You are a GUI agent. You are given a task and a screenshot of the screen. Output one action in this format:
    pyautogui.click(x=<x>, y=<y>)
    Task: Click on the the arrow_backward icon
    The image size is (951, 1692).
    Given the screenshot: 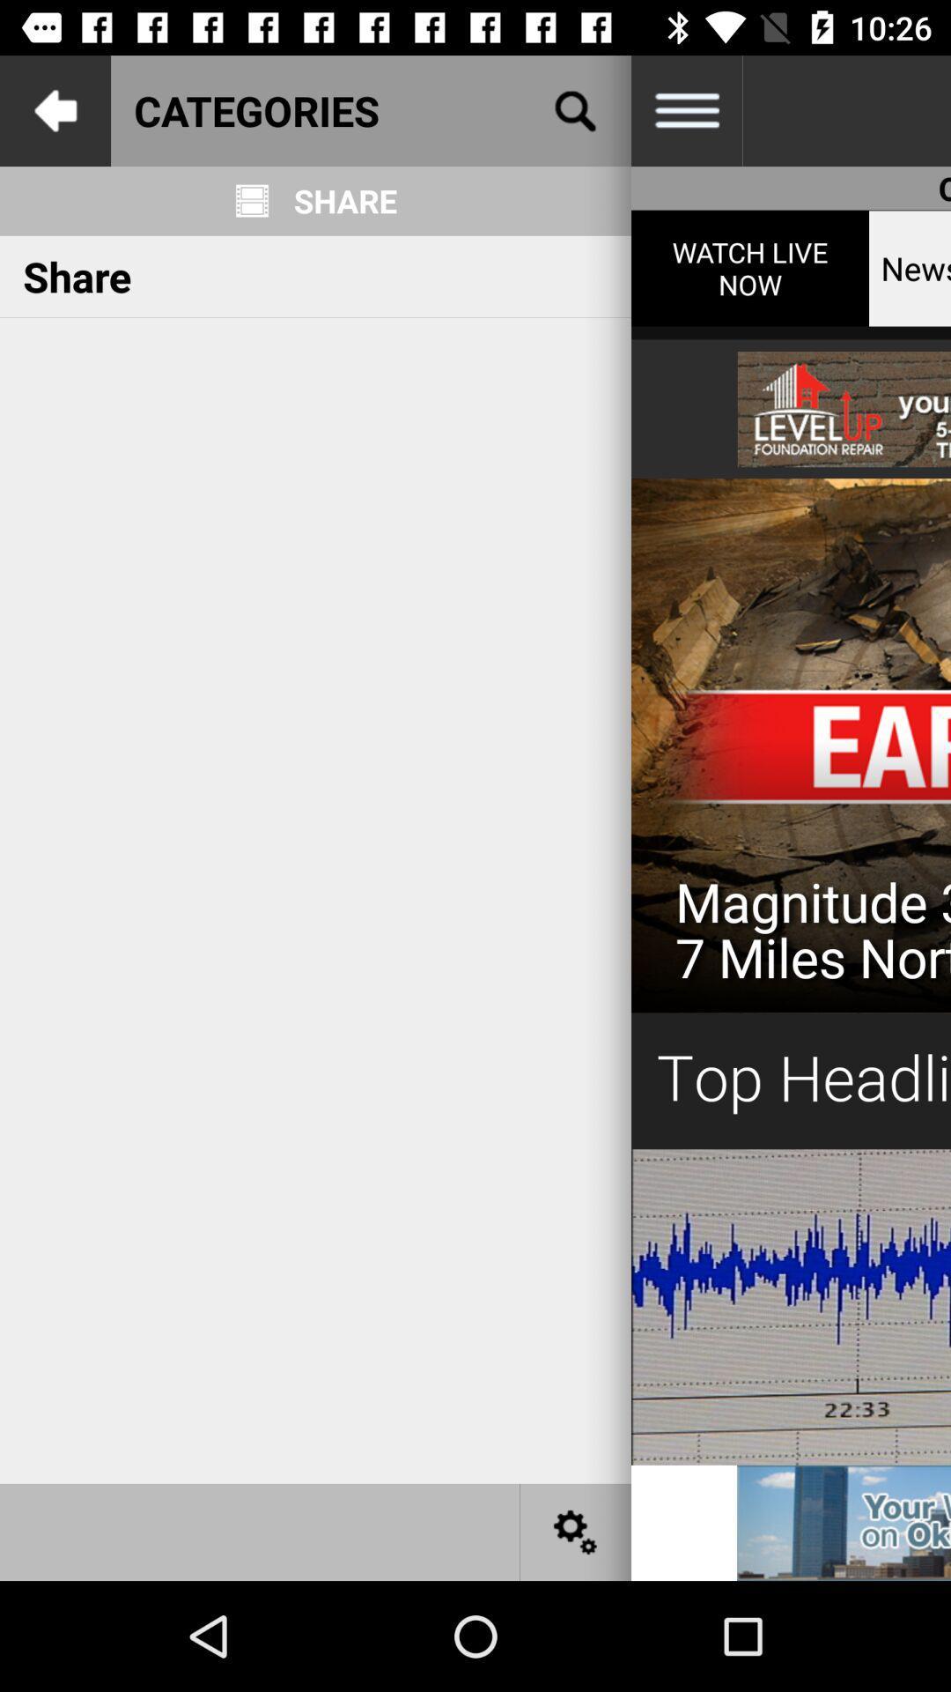 What is the action you would take?
    pyautogui.click(x=54, y=109)
    